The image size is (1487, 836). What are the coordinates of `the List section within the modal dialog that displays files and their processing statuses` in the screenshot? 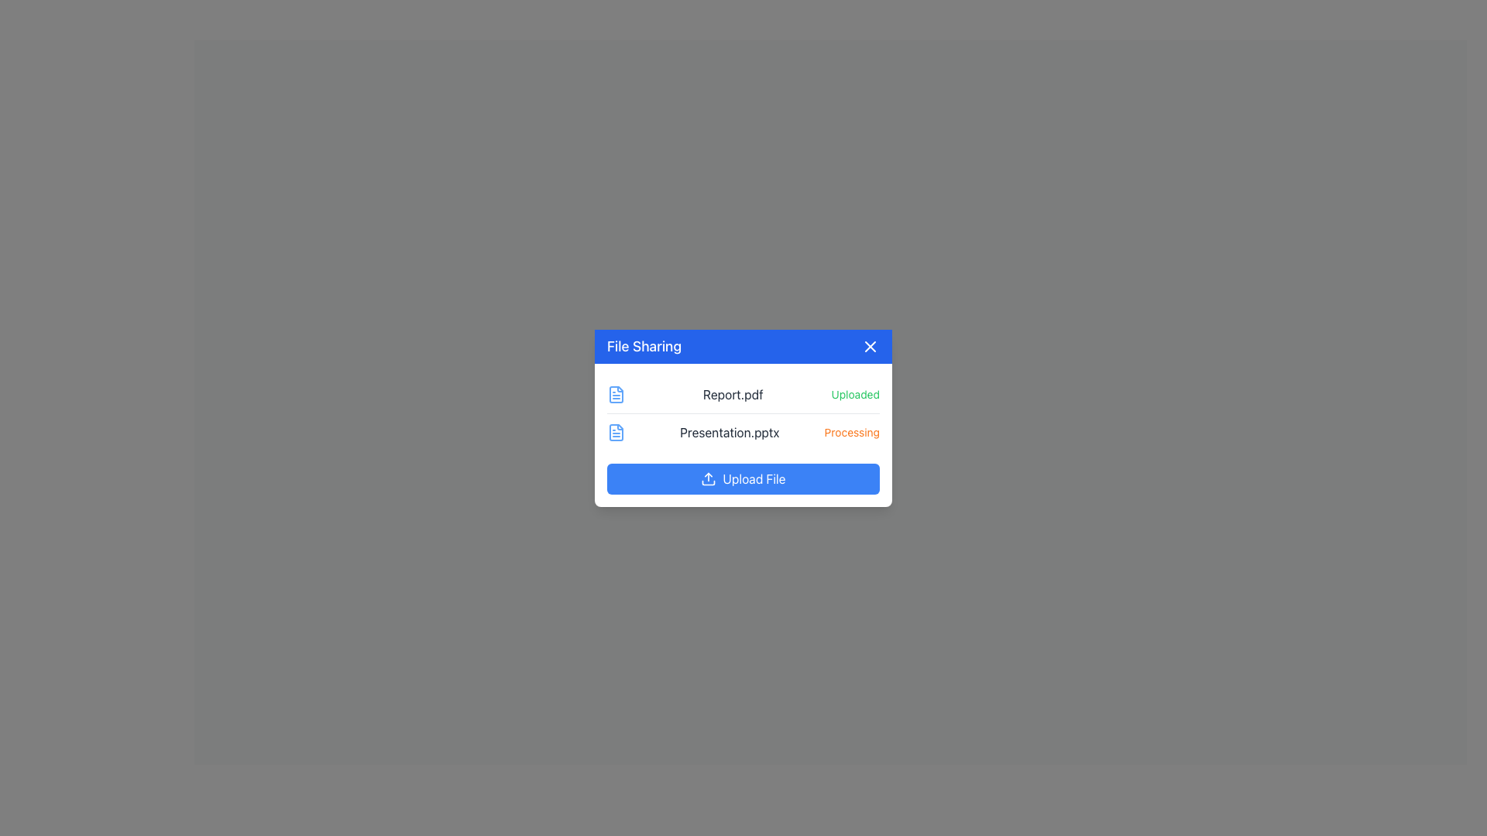 It's located at (743, 435).